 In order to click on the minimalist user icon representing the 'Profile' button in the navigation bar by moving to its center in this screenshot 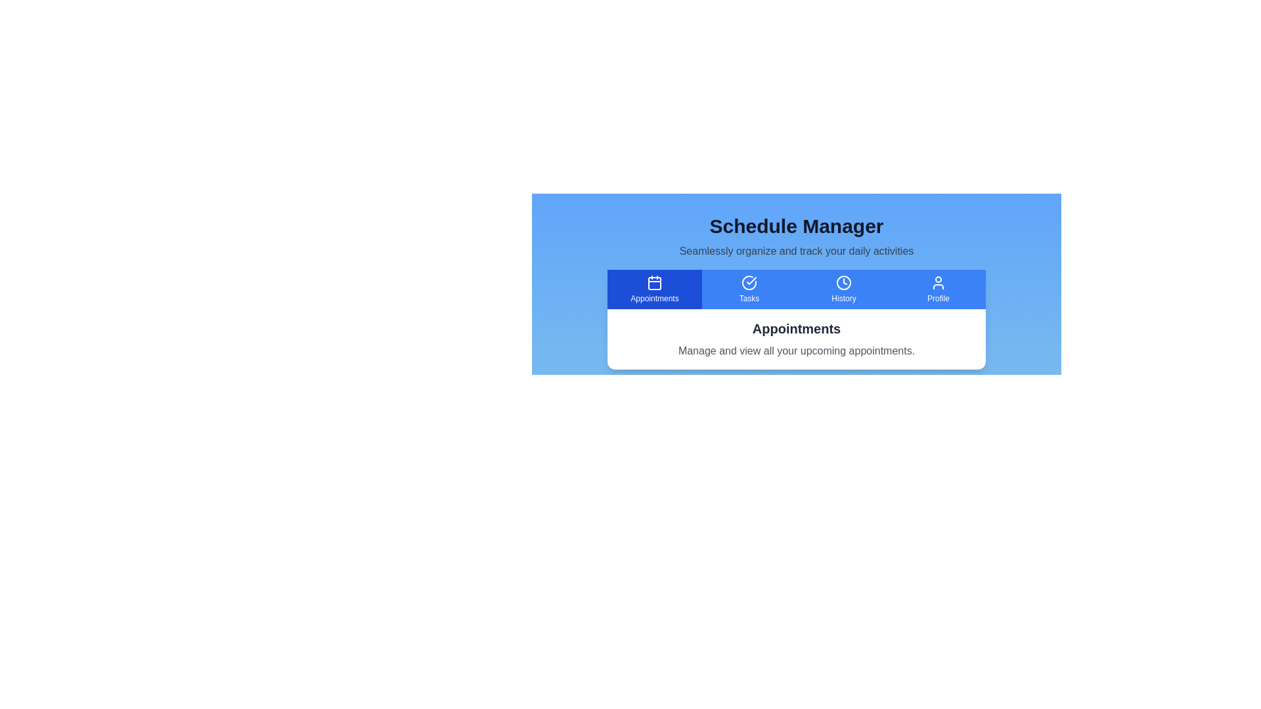, I will do `click(938, 282)`.